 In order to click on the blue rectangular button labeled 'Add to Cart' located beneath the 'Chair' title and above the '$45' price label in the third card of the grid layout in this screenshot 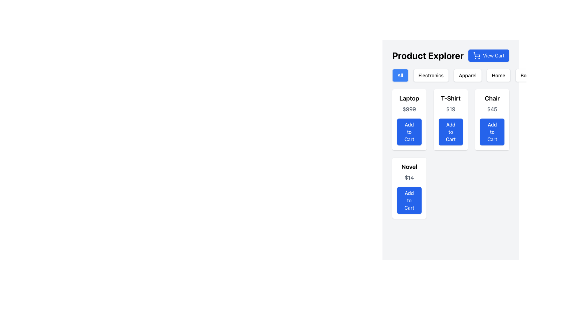, I will do `click(492, 120)`.